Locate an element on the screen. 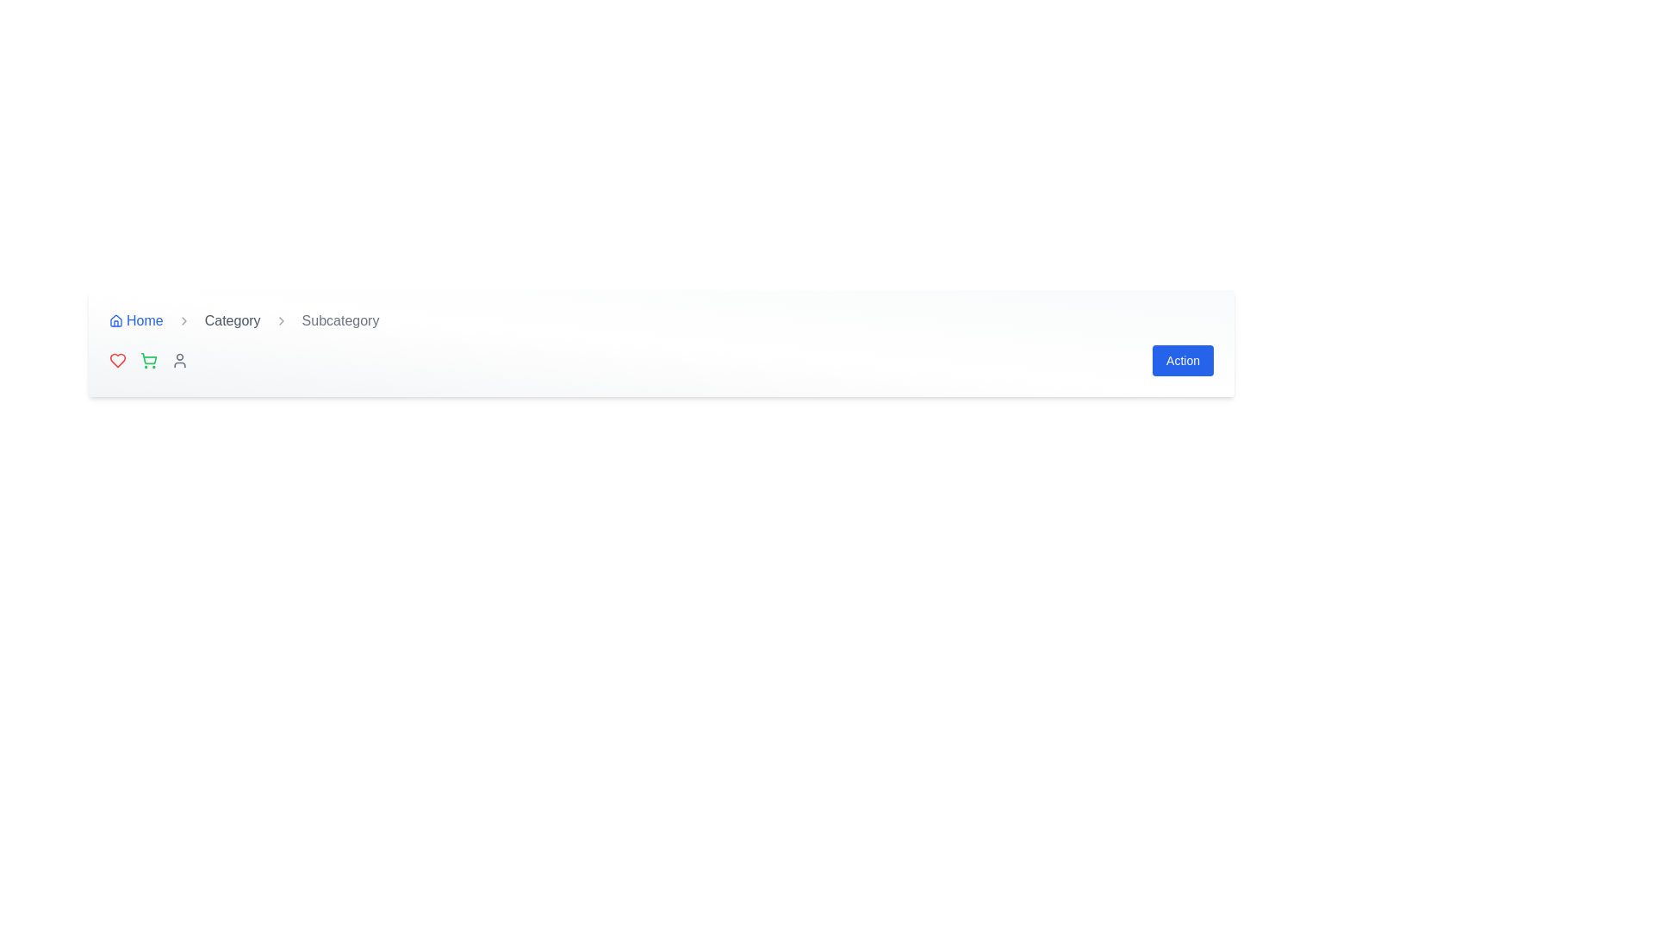 This screenshot has height=930, width=1654. the user-related functionalities icon, which is the third icon from the left in the bottom-right flexbox layout is located at coordinates (180, 360).